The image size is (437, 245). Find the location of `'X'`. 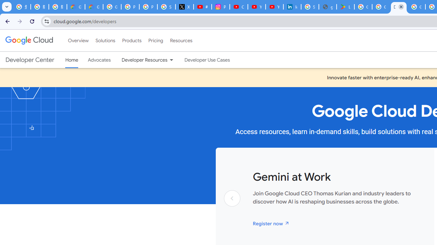

'X' is located at coordinates (184, 7).